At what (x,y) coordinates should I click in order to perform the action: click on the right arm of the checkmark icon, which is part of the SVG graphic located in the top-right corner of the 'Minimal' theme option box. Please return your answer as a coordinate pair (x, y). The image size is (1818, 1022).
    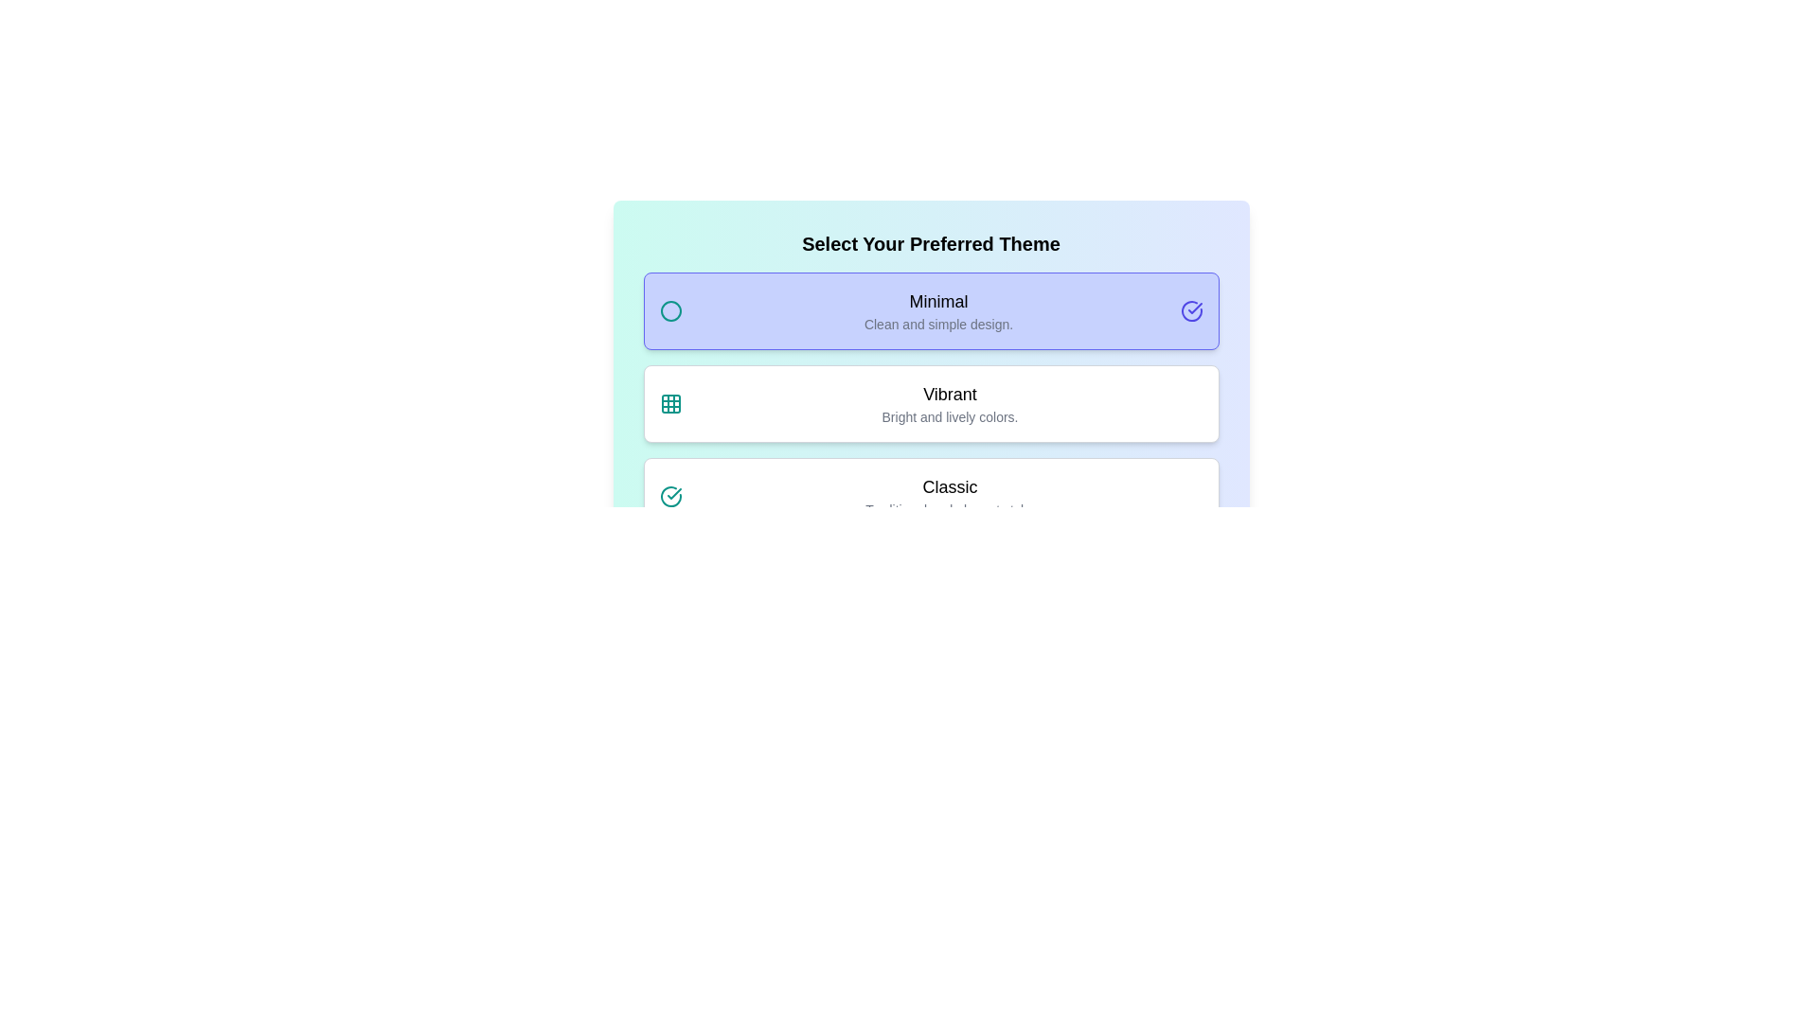
    Looking at the image, I should click on (1194, 308).